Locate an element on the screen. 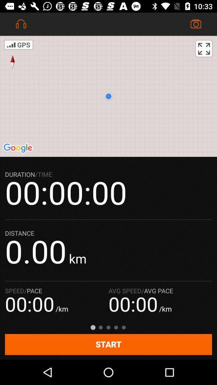  the fullscreen icon is located at coordinates (204, 48).